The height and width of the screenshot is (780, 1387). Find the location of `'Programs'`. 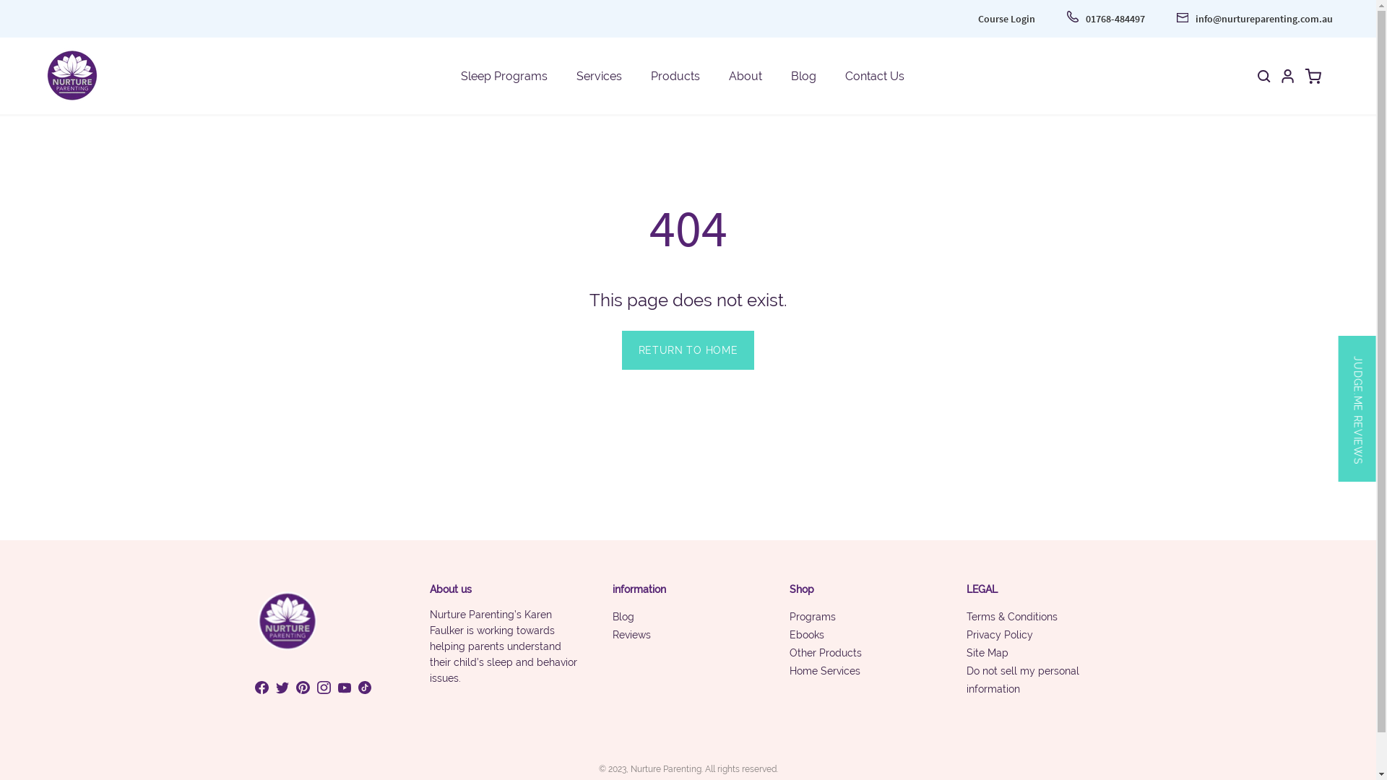

'Programs' is located at coordinates (812, 616).